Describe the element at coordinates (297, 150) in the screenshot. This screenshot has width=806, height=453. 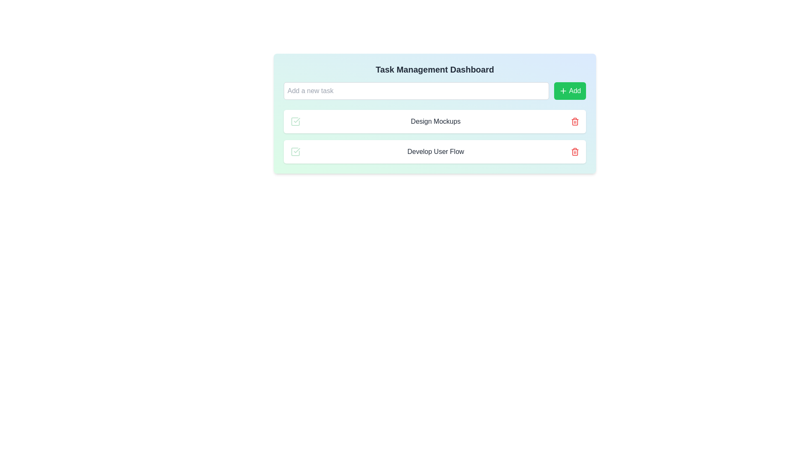
I see `the small checkmark icon indicator for task status located in the second task row labeled 'Develop User Flow'` at that location.